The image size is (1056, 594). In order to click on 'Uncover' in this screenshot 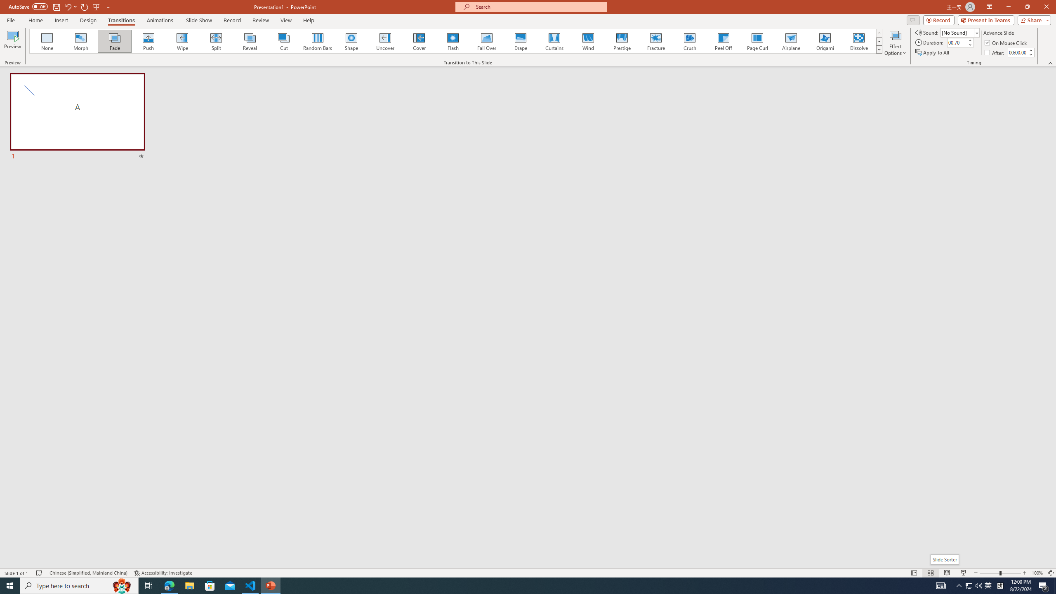, I will do `click(385, 41)`.